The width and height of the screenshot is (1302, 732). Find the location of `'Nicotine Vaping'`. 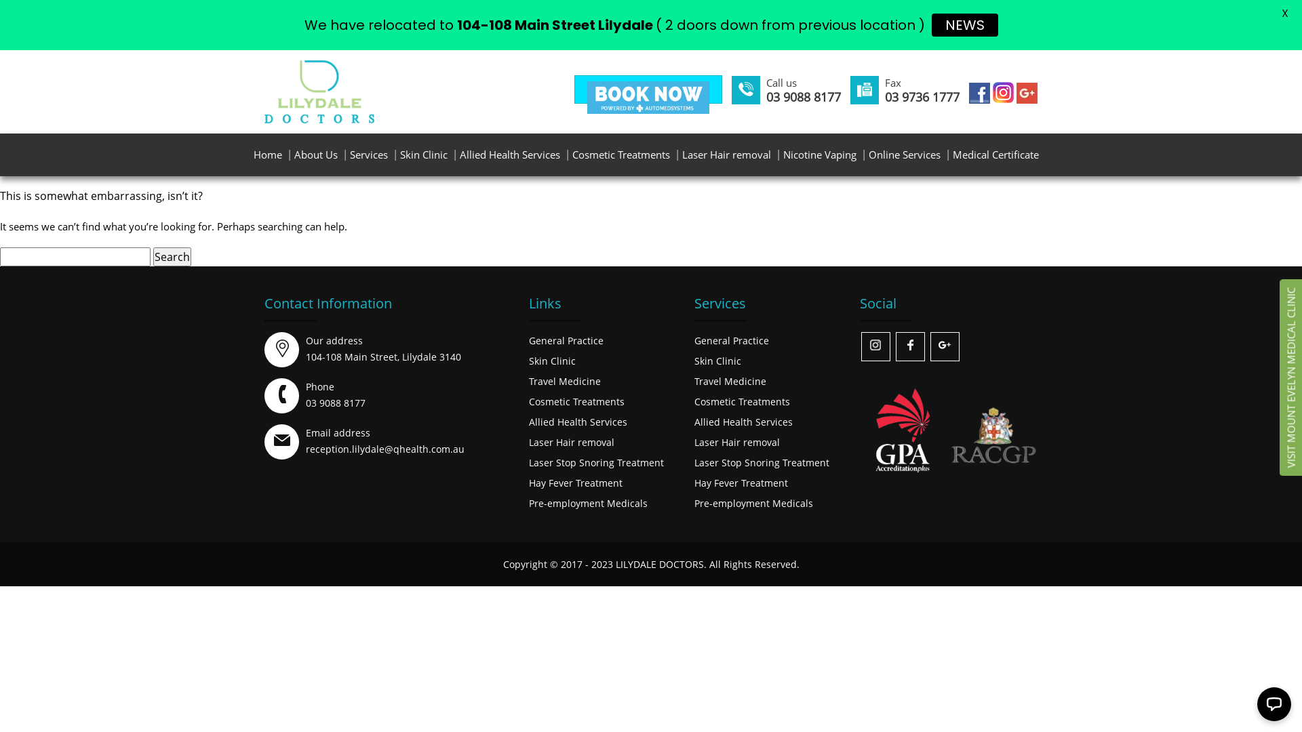

'Nicotine Vaping' is located at coordinates (819, 154).